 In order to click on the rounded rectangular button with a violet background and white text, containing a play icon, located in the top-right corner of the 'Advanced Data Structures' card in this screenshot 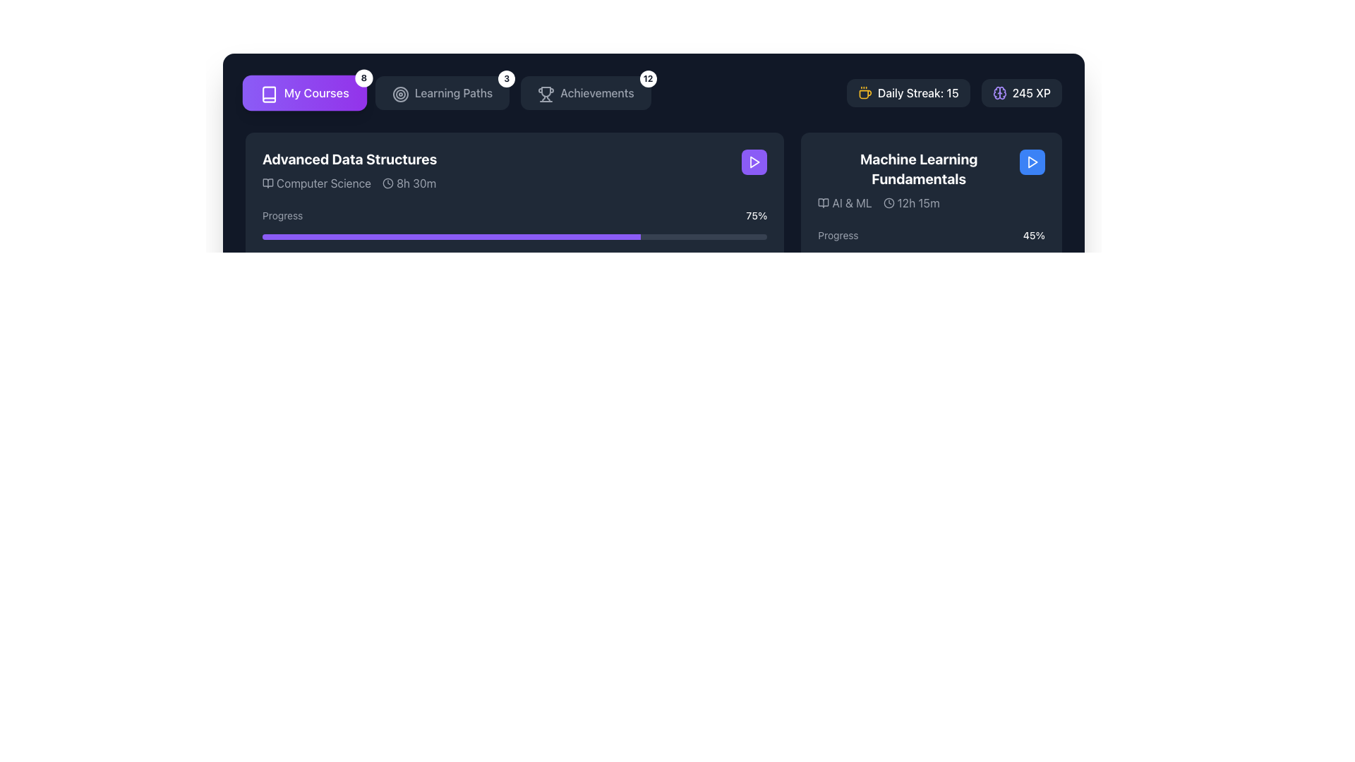, I will do `click(754, 162)`.